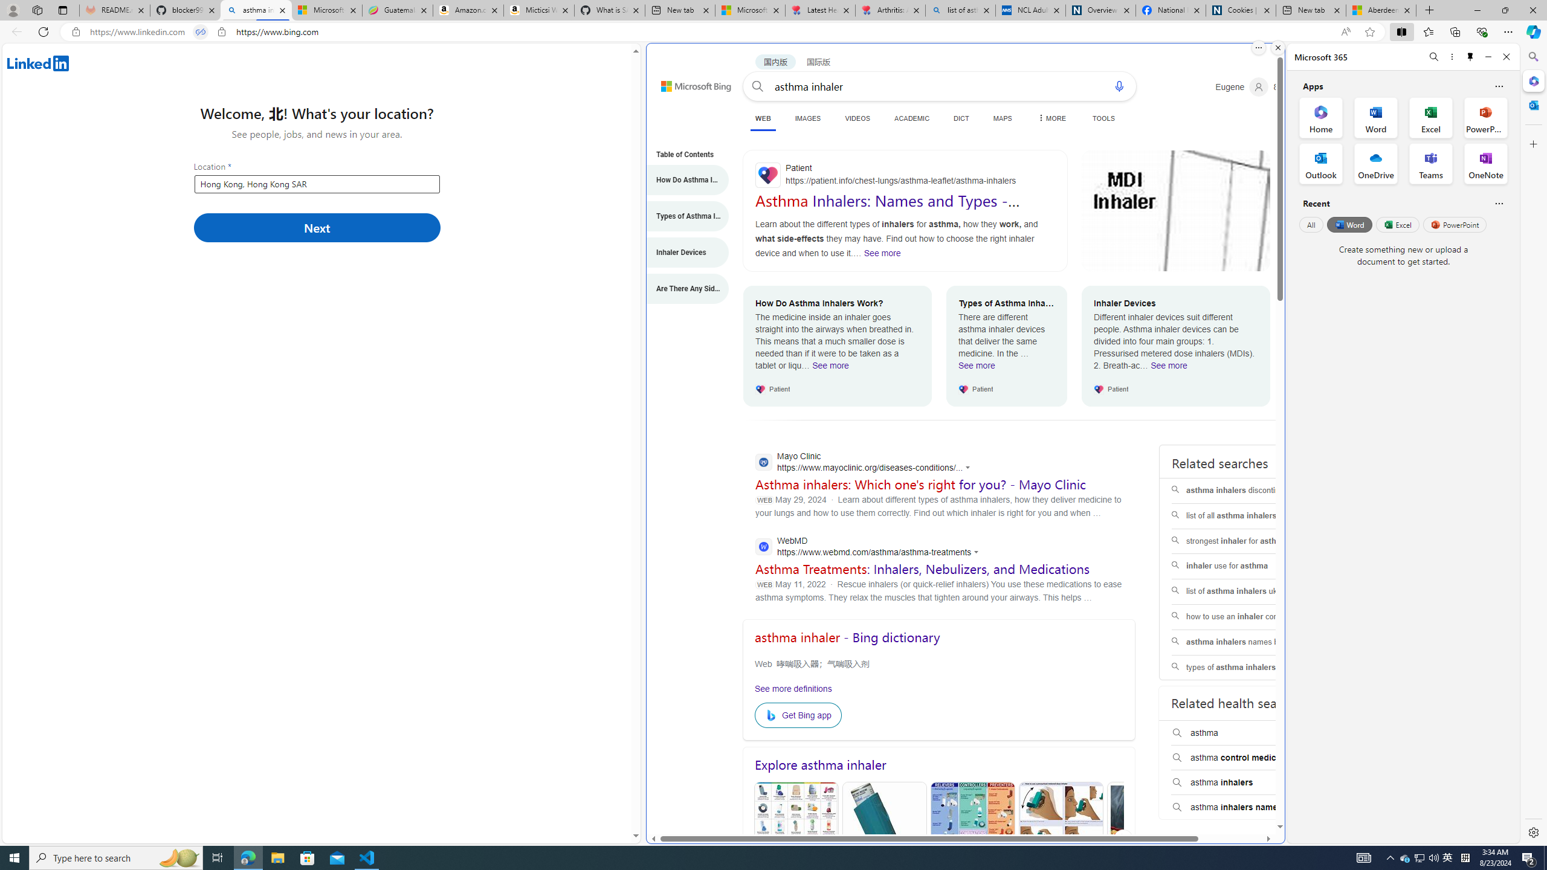 The width and height of the screenshot is (1547, 870). Describe the element at coordinates (1050, 118) in the screenshot. I see `'MORE'` at that location.